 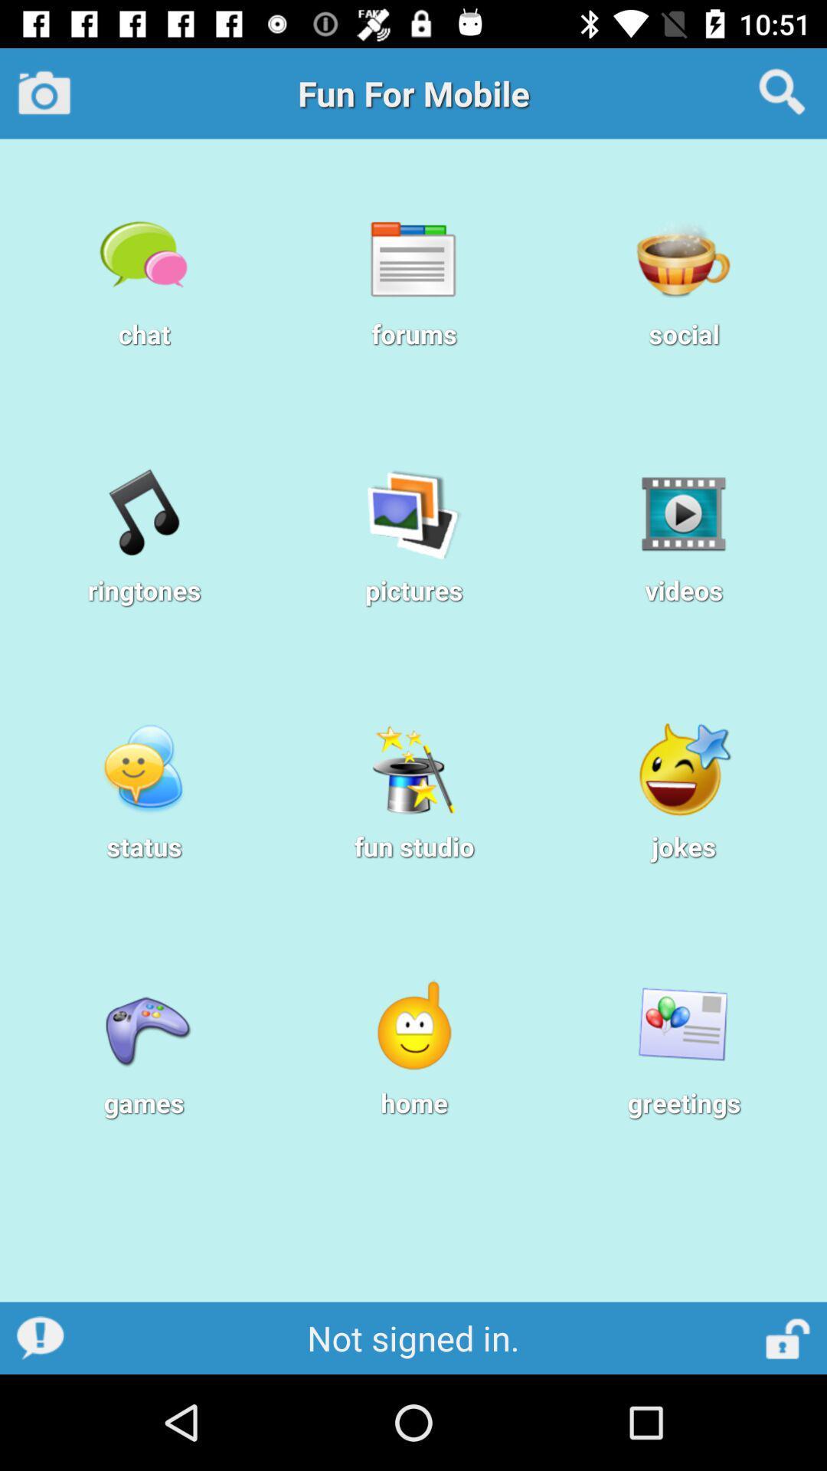 What do you see at coordinates (789, 1337) in the screenshot?
I see `the lock icon` at bounding box center [789, 1337].